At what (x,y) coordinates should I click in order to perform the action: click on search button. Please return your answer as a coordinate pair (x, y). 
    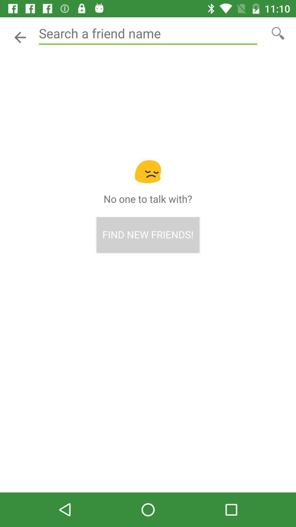
    Looking at the image, I should click on (278, 33).